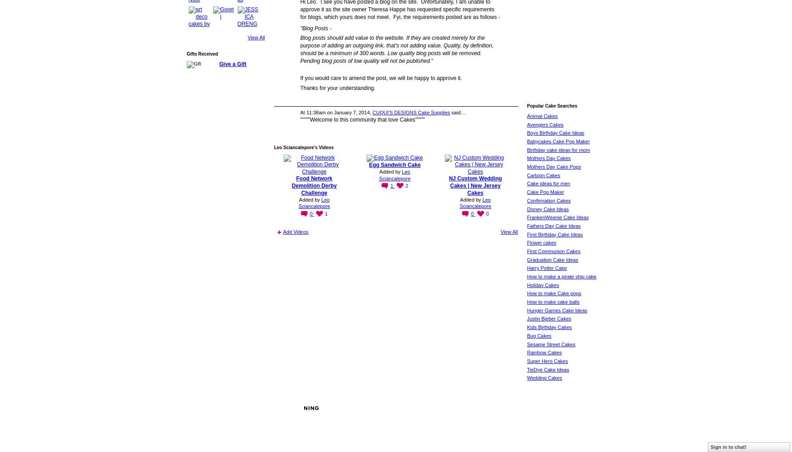 This screenshot has width=792, height=452. Describe the element at coordinates (526, 361) in the screenshot. I see `'Super Hero Cakes'` at that location.